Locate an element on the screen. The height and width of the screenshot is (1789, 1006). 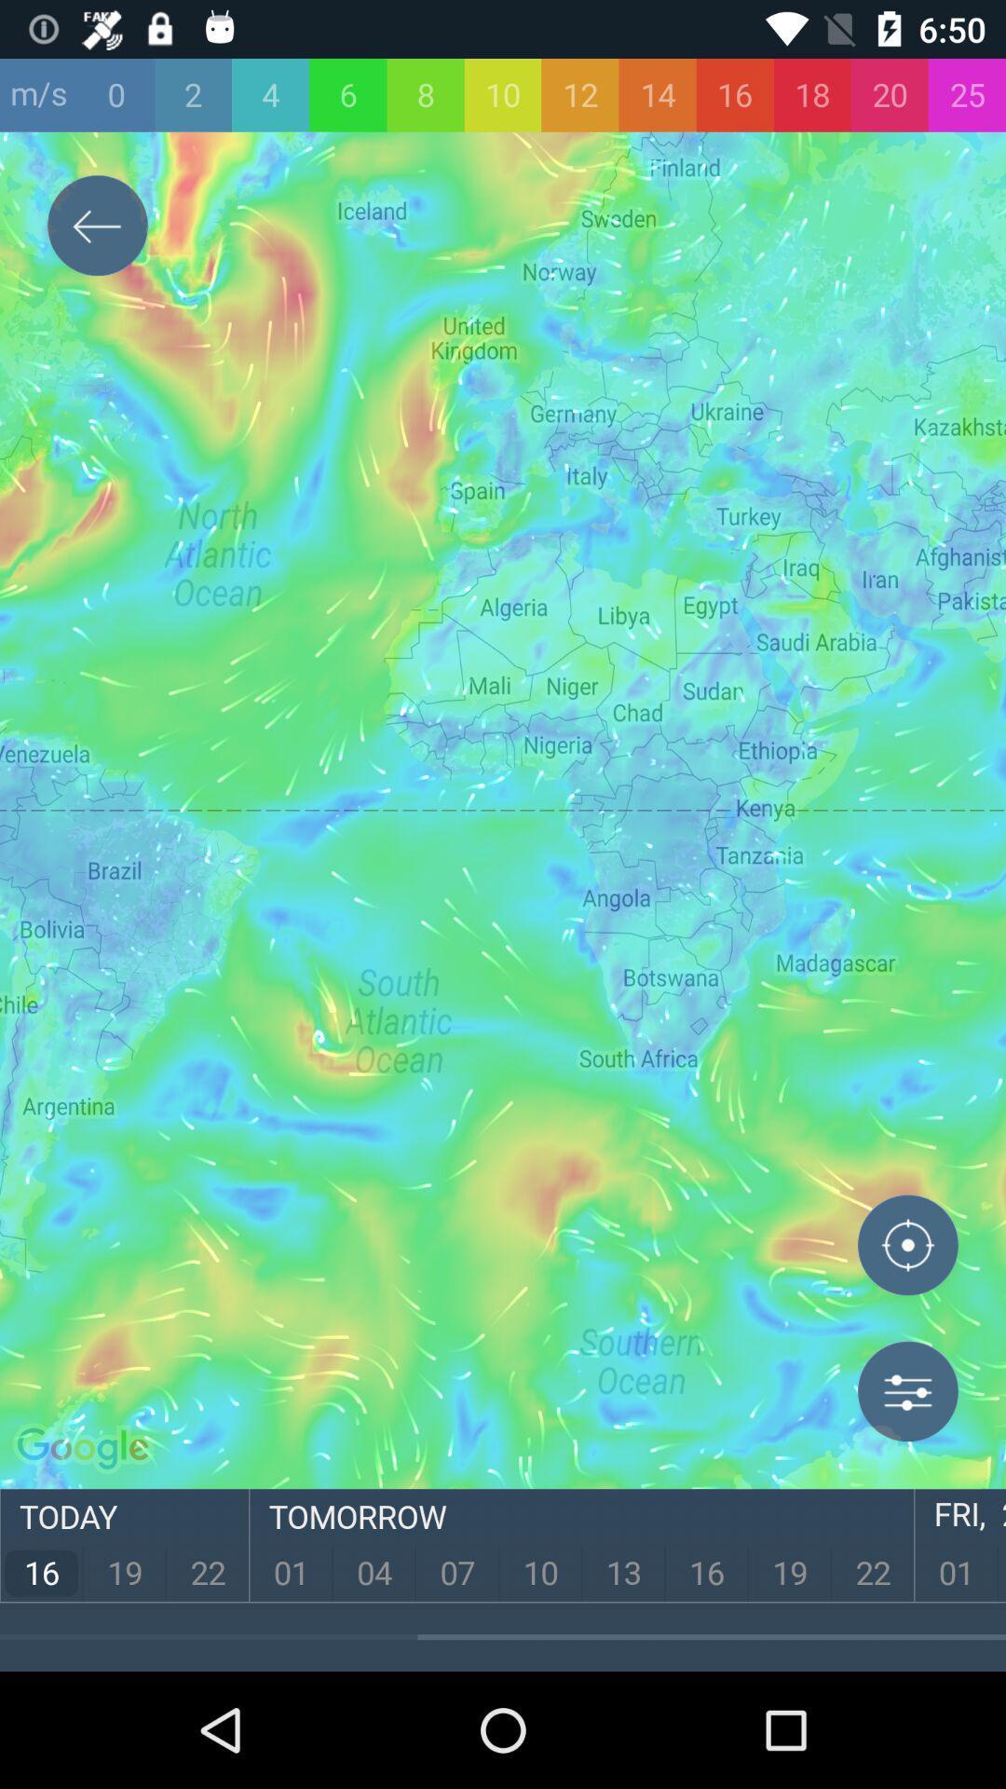
go back is located at coordinates (97, 228).